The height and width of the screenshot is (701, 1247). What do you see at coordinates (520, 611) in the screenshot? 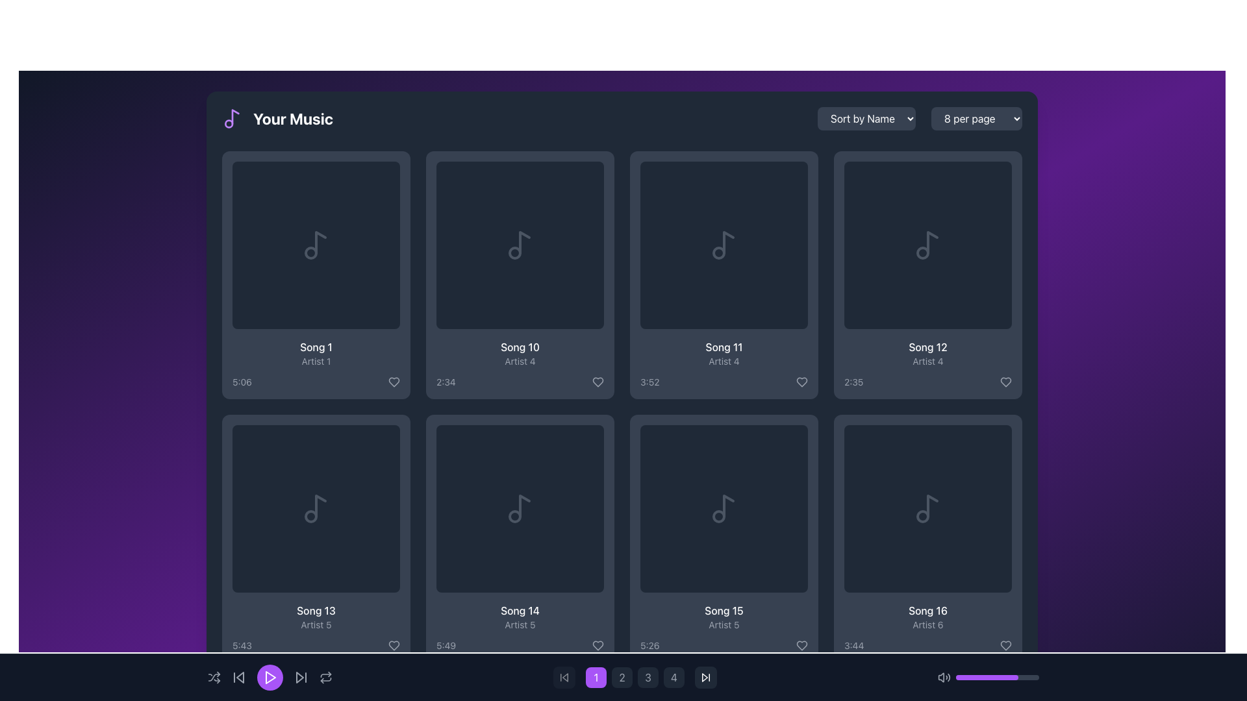
I see `the Text Label displaying the title of a song, which is located in the seventh card of the grid layout, positioned below the album art and above 'Artist 5'` at bounding box center [520, 611].